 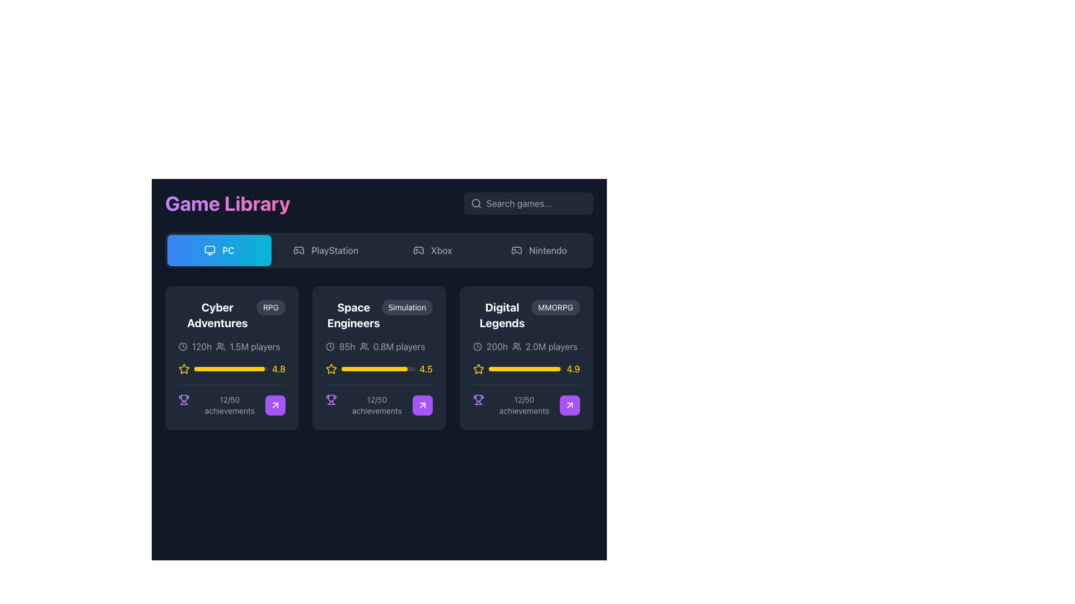 I want to click on the 'PC' button, which is the first button in a row of four platform selectors, so click(x=219, y=249).